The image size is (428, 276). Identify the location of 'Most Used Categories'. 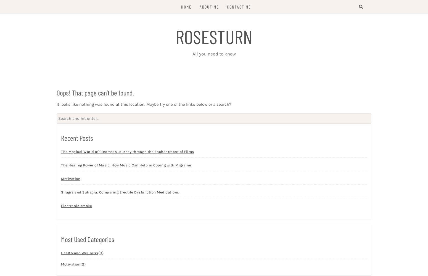
(87, 238).